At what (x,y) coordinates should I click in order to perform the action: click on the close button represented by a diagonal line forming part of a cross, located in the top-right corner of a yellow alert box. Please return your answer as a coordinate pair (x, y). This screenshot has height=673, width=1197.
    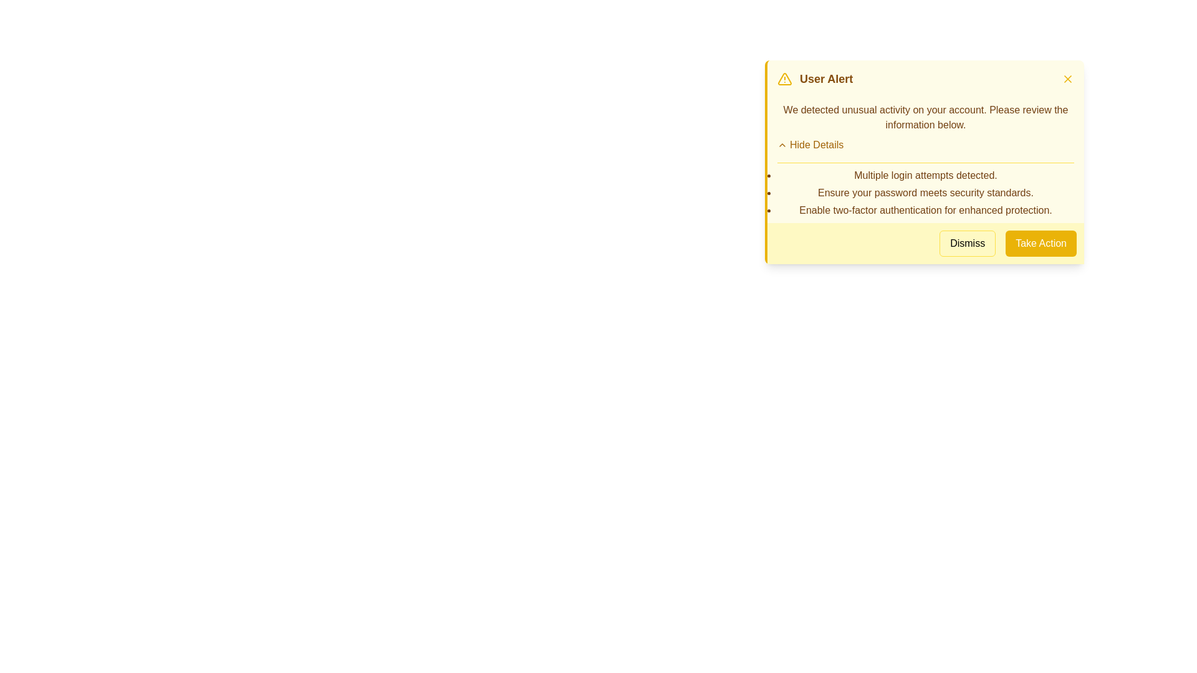
    Looking at the image, I should click on (1067, 79).